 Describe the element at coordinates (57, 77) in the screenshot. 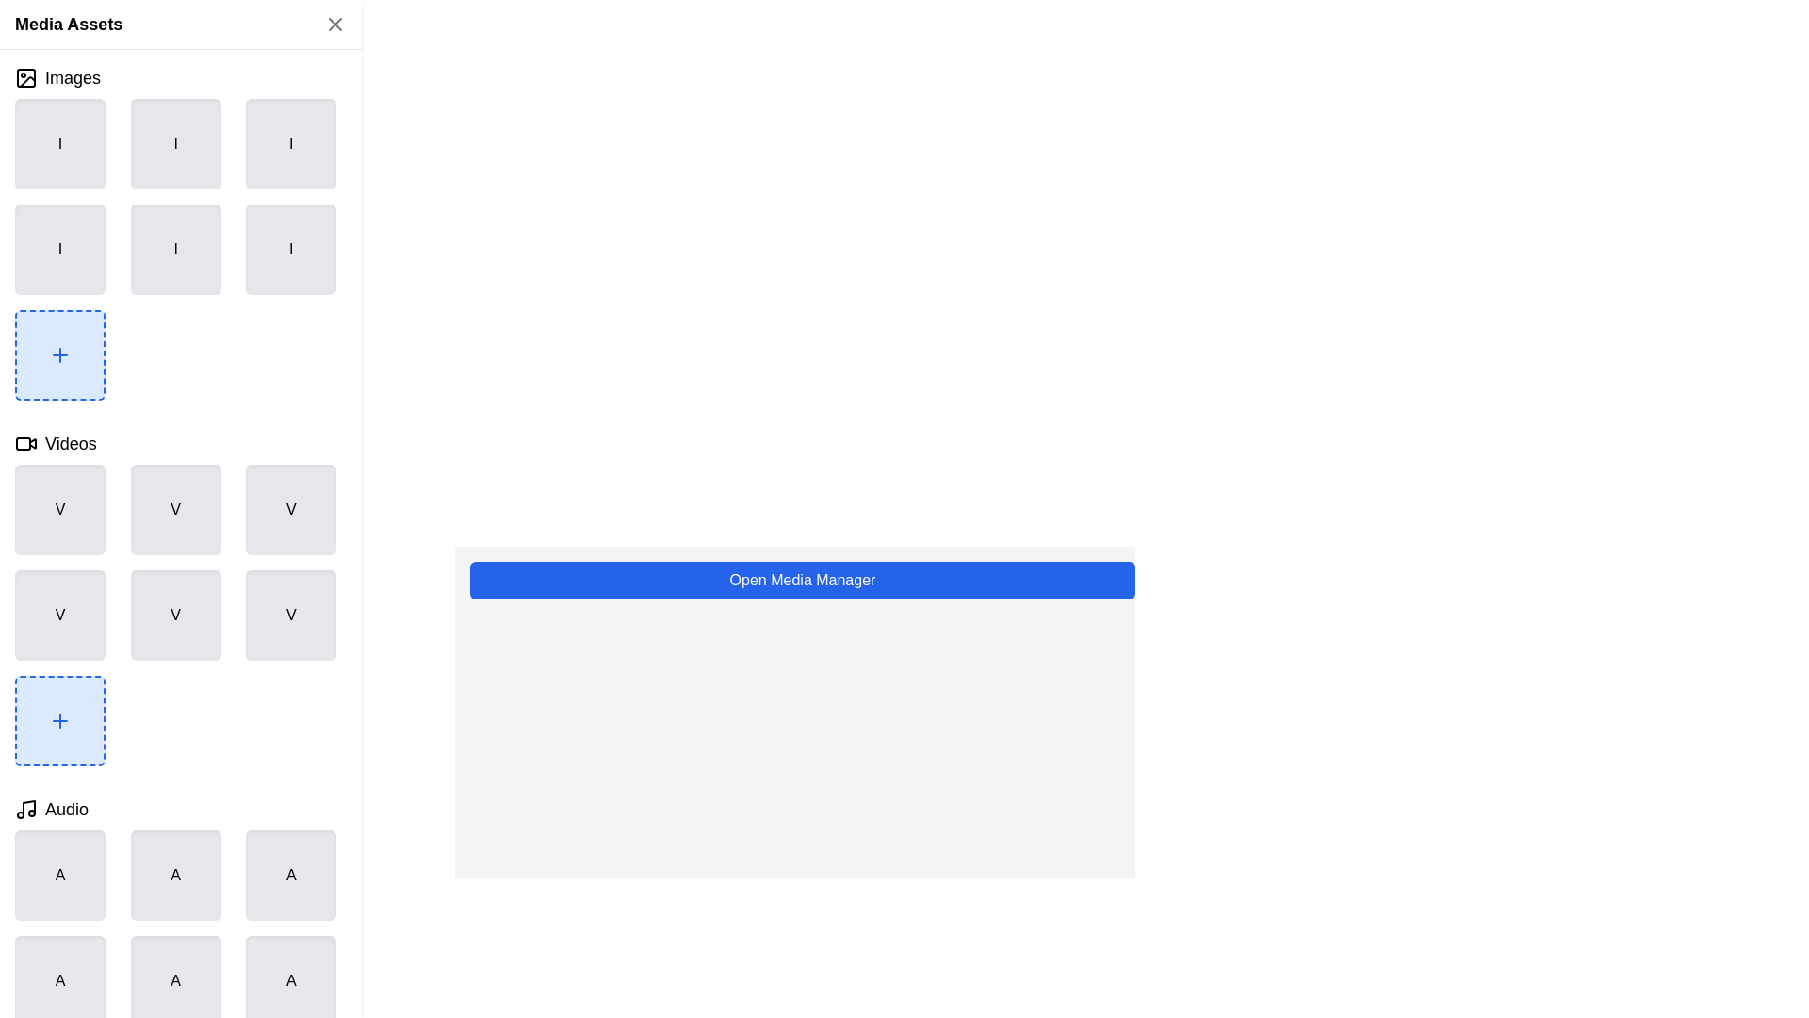

I see `the 'Images' navigation button located at the top-left of the 'Media Assets' panel` at that location.